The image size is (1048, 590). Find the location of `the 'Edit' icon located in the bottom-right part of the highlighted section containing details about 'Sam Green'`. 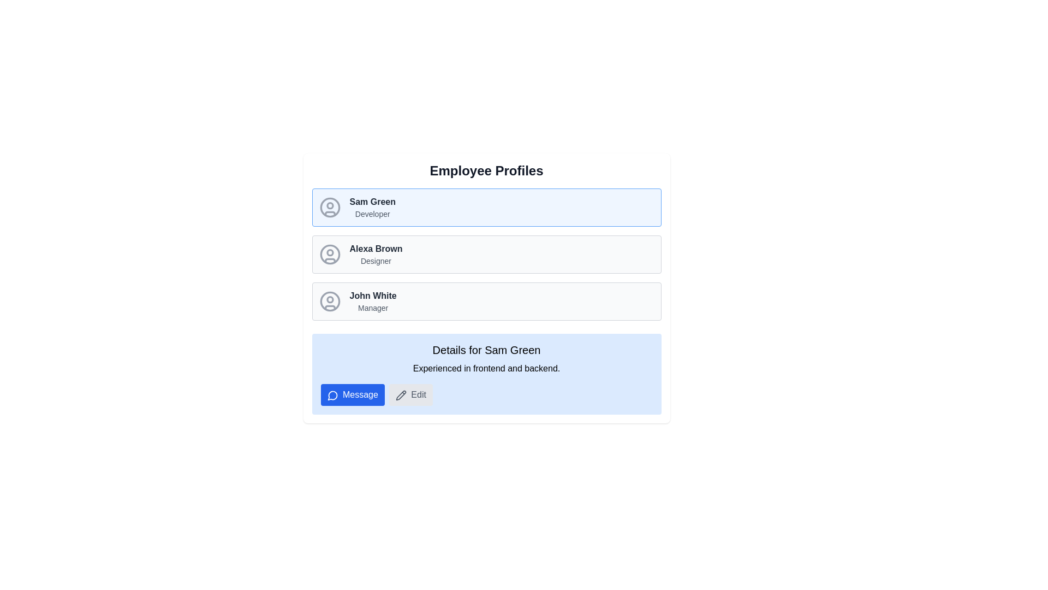

the 'Edit' icon located in the bottom-right part of the highlighted section containing details about 'Sam Green' is located at coordinates (400, 395).